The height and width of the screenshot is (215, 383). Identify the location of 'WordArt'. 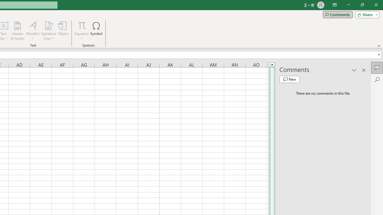
(32, 31).